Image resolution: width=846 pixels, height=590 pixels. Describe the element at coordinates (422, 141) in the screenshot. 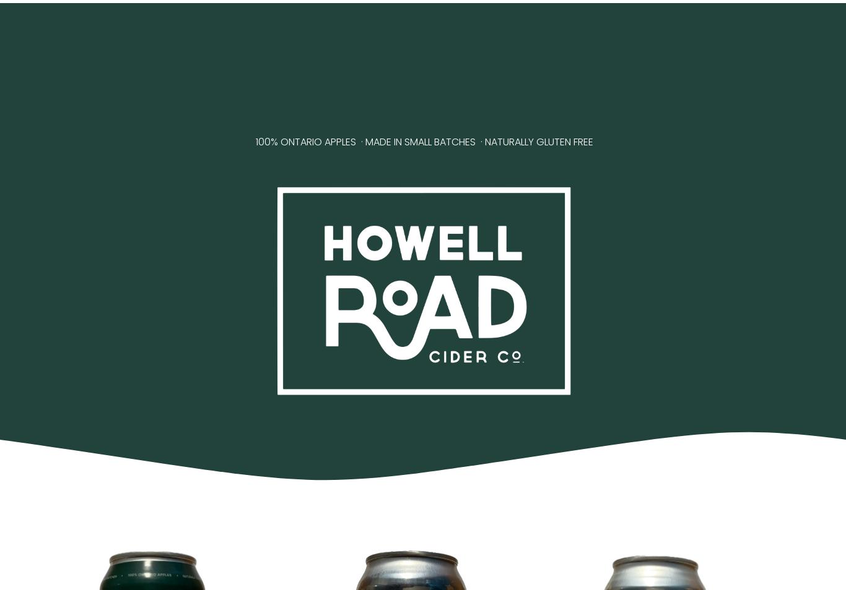

I see `'100% ONTARIO APPLES  · MADE IN SMALL BATCHES  · NATURALLY GLUTEN FREE'` at that location.